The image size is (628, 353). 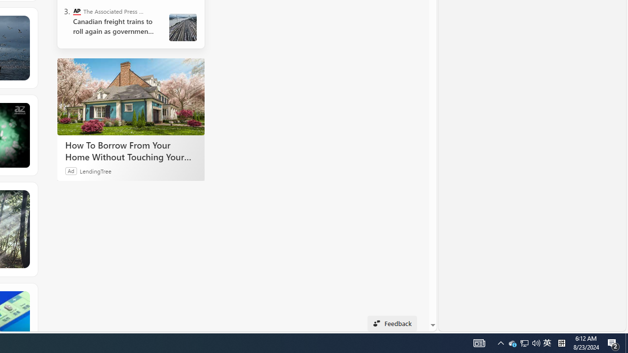 I want to click on 'LendingTree', so click(x=96, y=170).